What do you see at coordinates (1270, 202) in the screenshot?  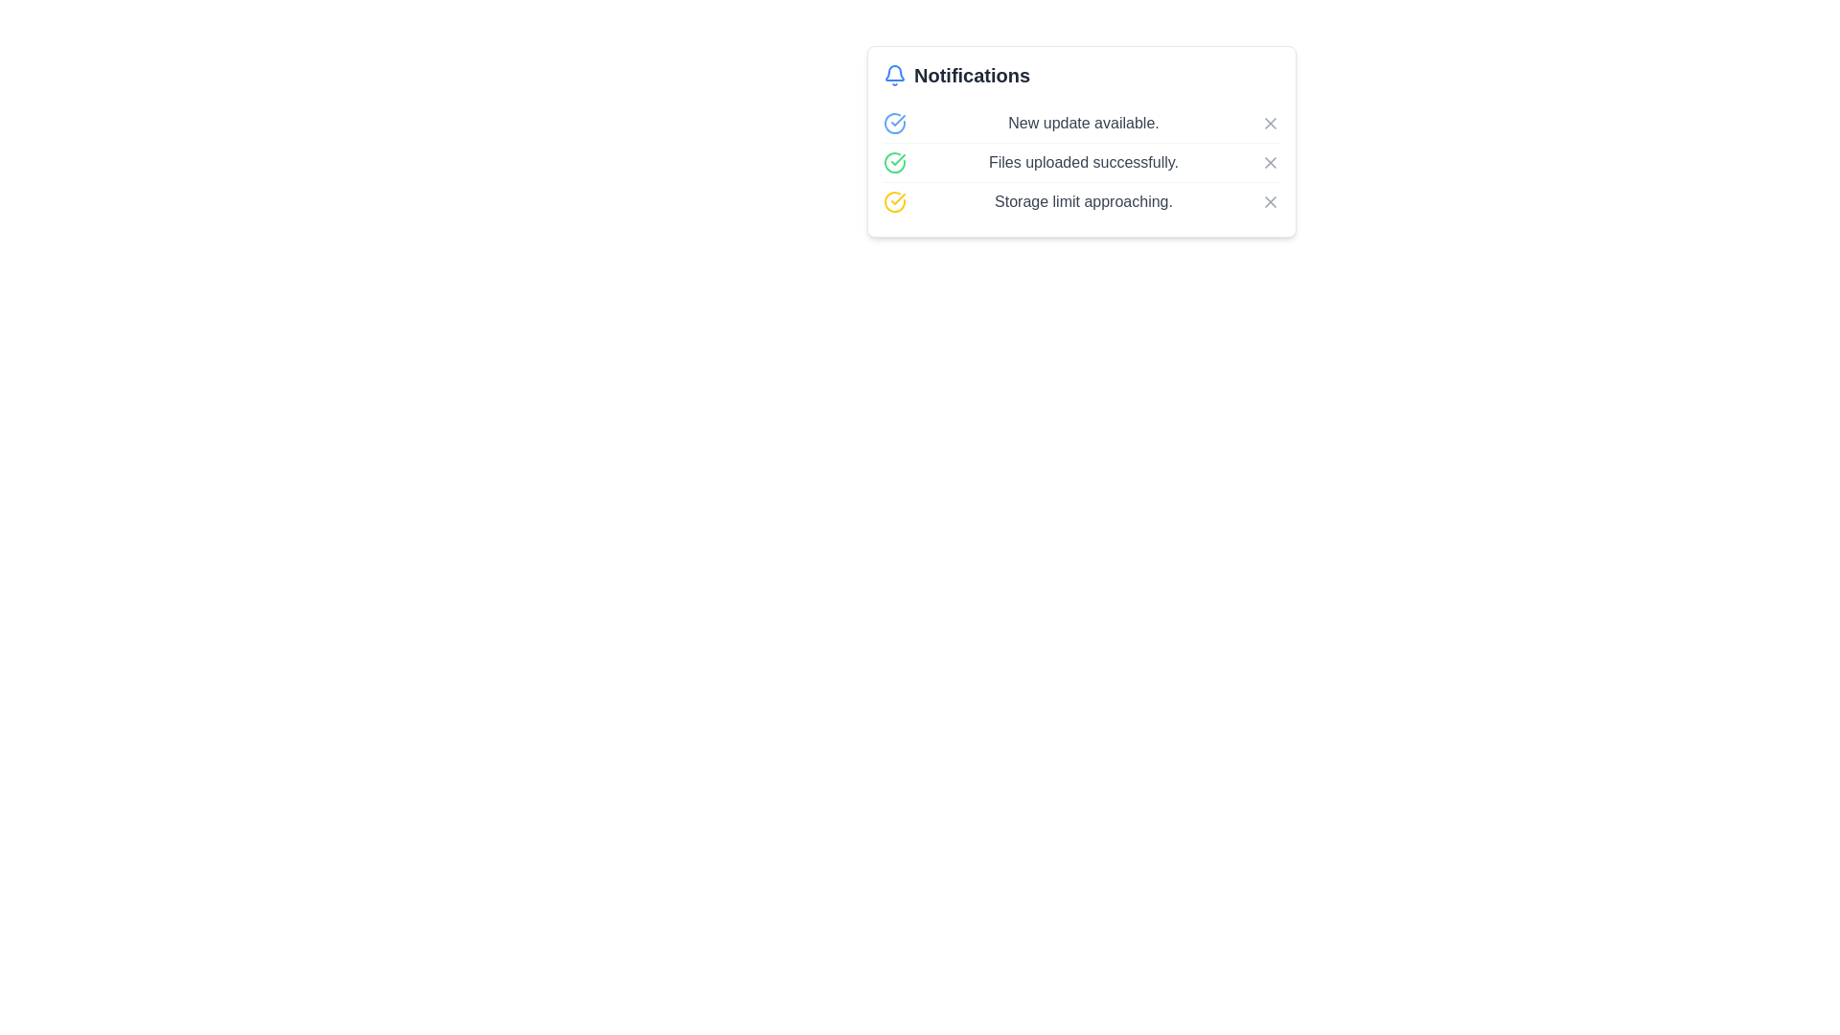 I see `the dismiss button located on the far right of the notification block` at bounding box center [1270, 202].